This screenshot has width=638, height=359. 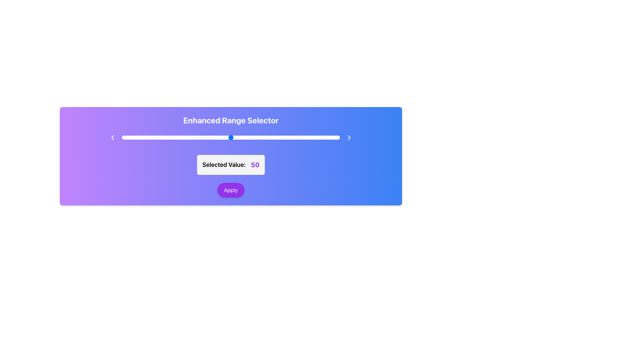 I want to click on the slider, so click(x=172, y=137).